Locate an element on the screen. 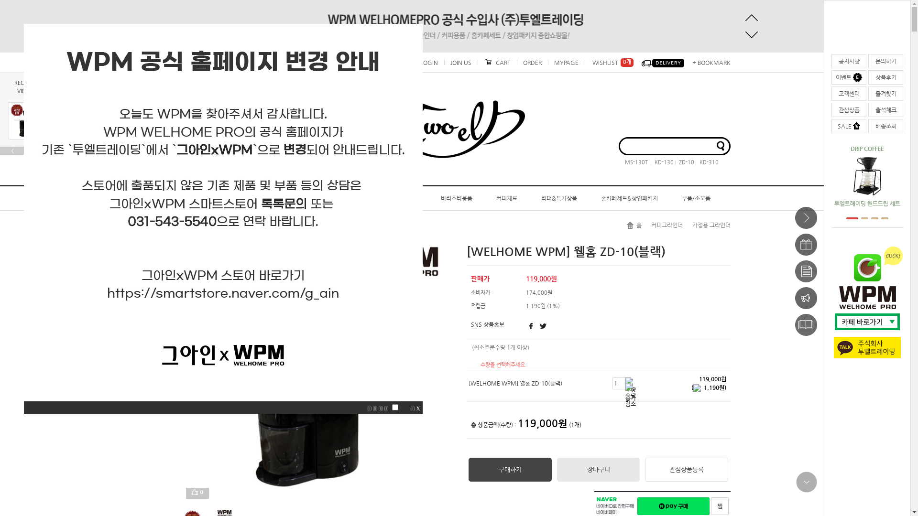 The width and height of the screenshot is (918, 516). '3' is located at coordinates (870, 218).